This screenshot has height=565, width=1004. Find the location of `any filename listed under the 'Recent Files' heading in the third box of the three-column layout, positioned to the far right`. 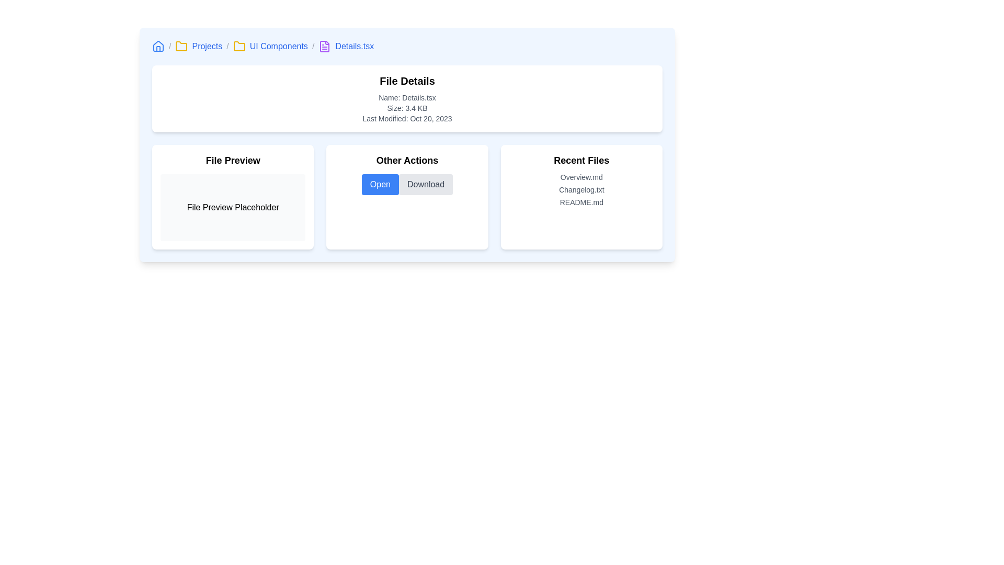

any filename listed under the 'Recent Files' heading in the third box of the three-column layout, positioned to the far right is located at coordinates (581, 197).